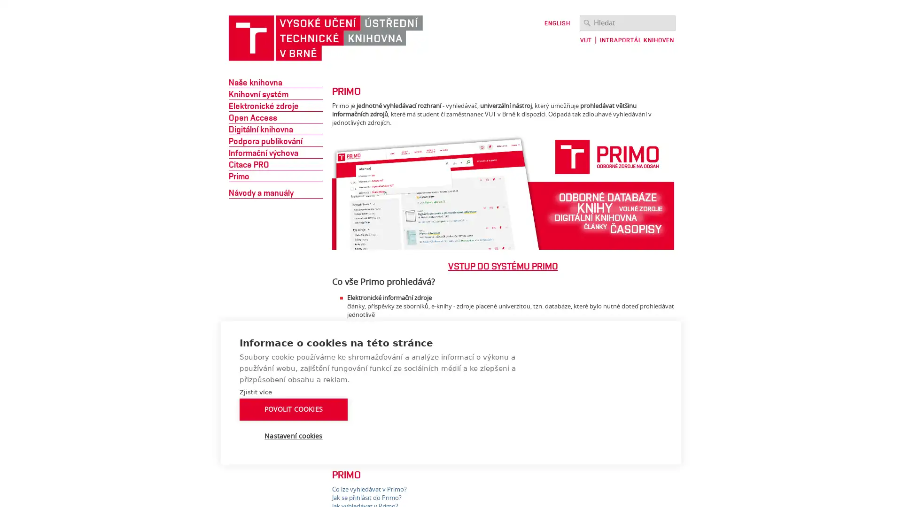 This screenshot has width=902, height=507. I want to click on POVOLIT COOKIES, so click(607, 398).